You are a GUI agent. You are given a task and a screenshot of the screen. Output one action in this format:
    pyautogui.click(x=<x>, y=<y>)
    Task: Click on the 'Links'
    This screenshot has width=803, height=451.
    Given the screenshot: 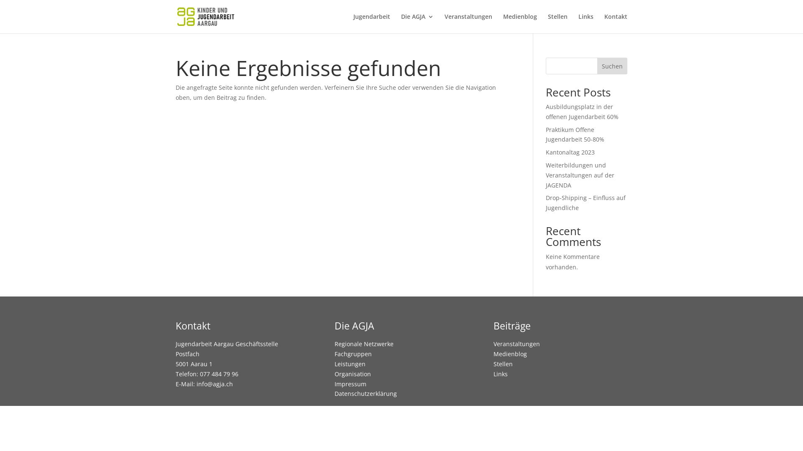 What is the action you would take?
    pyautogui.click(x=500, y=373)
    